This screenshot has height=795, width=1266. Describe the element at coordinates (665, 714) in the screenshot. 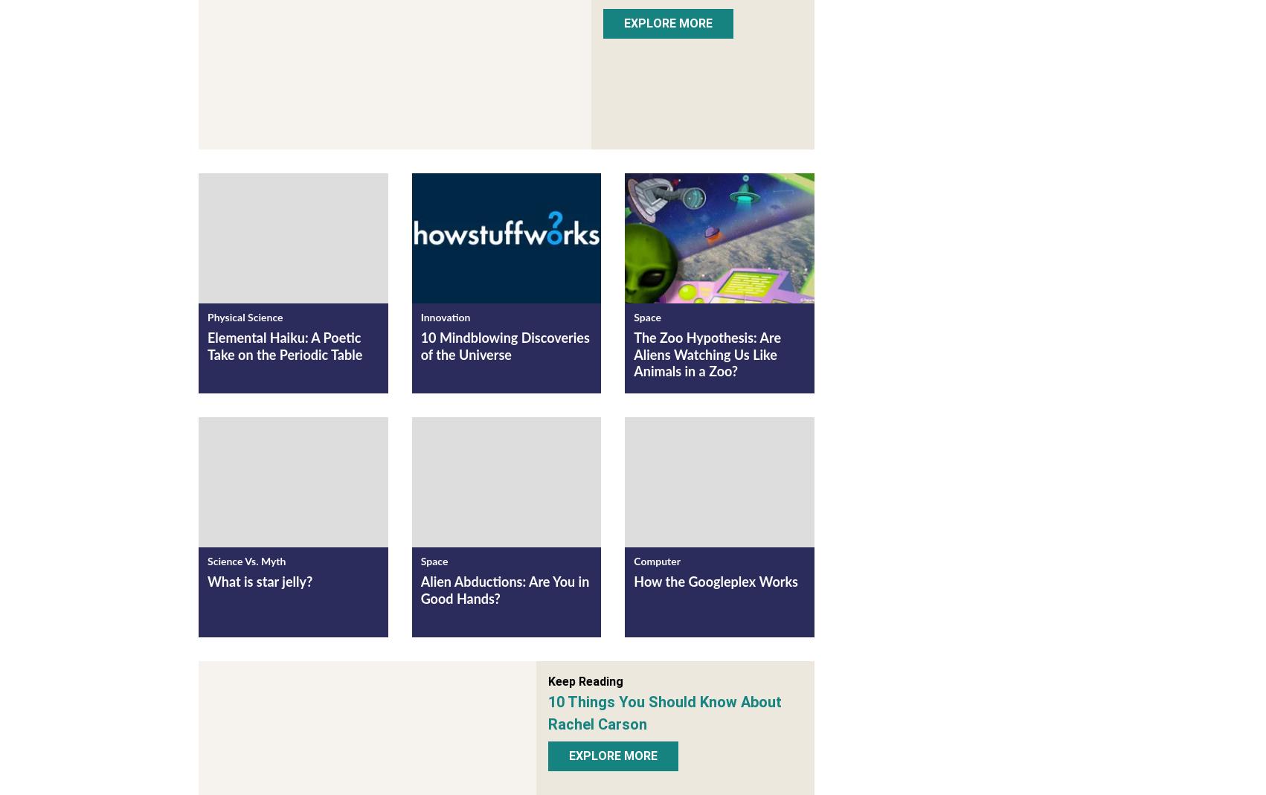

I see `'10 Things You Should Know About Rachel Carson'` at that location.